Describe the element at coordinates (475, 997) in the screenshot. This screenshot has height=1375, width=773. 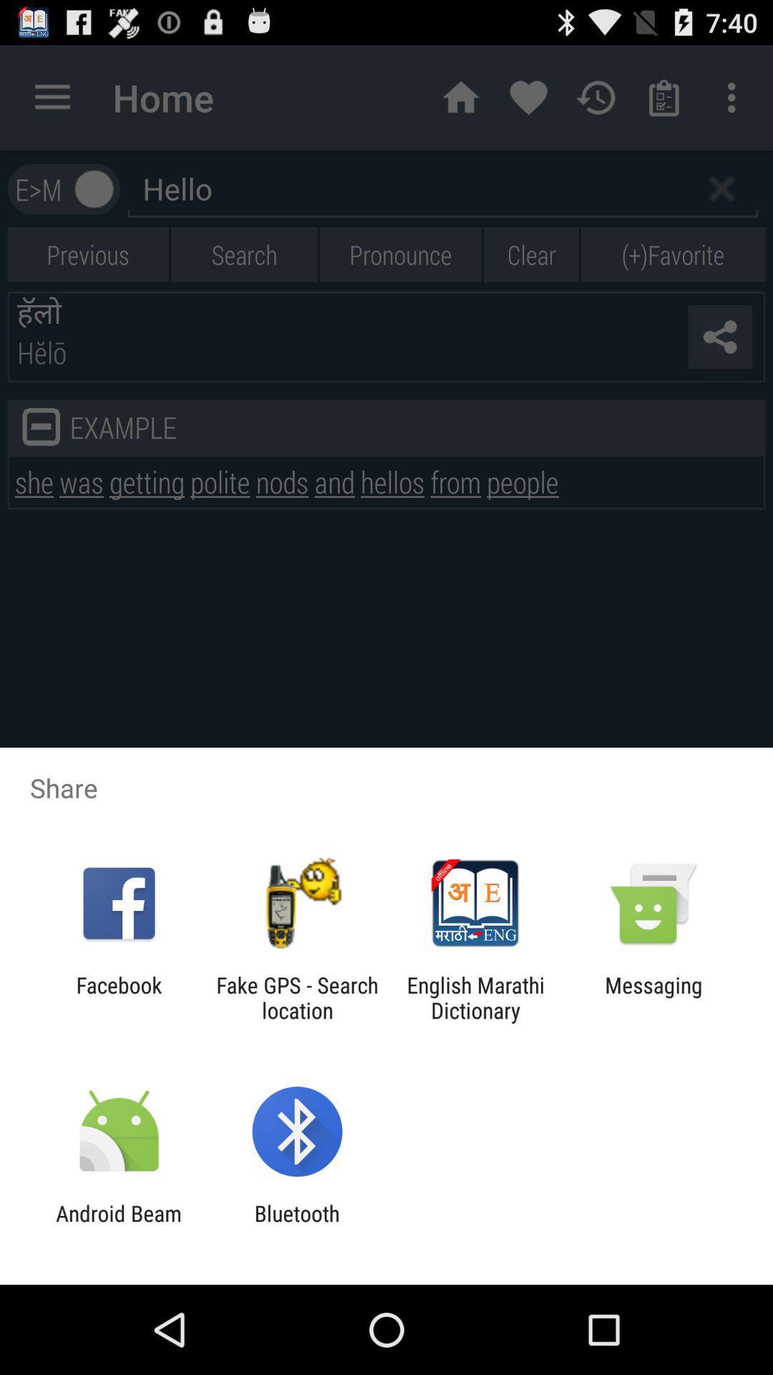
I see `the app to the right of fake gps search item` at that location.